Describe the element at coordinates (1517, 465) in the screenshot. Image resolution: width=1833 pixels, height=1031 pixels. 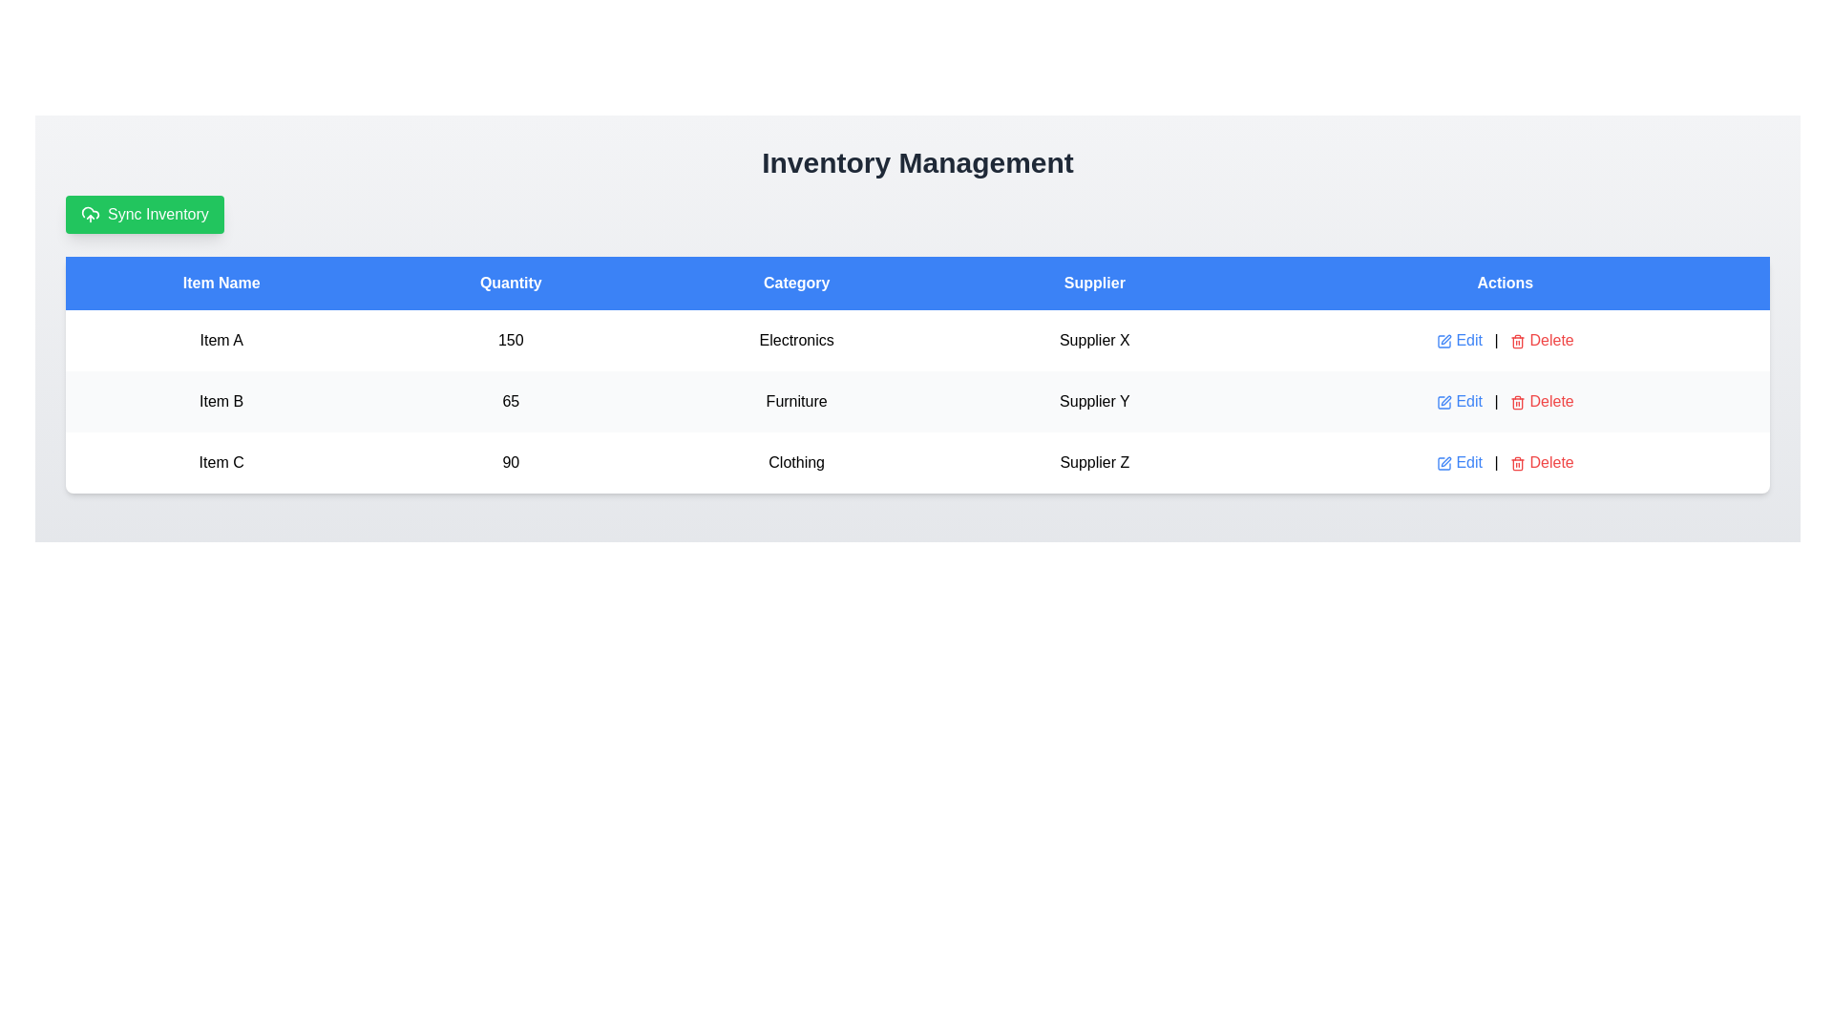
I see `the Trash can icon in the 'Actions' column of the data table for 'Item B'` at that location.